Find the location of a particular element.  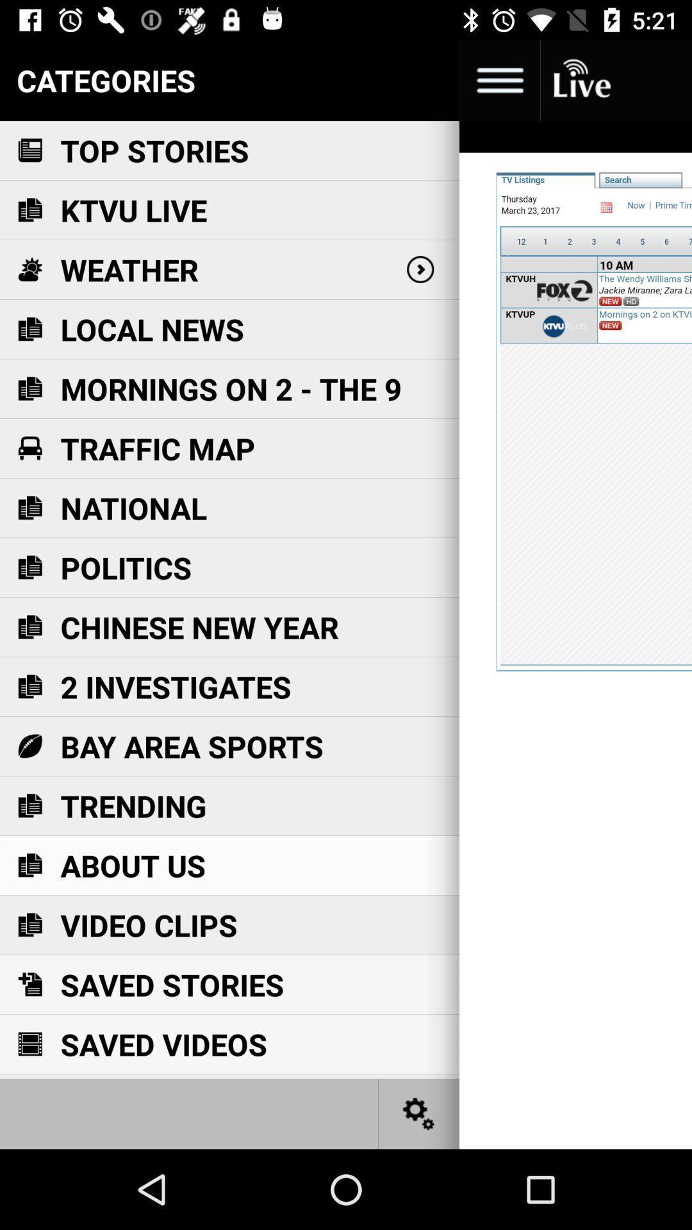

hide/show sidebar is located at coordinates (498, 79).